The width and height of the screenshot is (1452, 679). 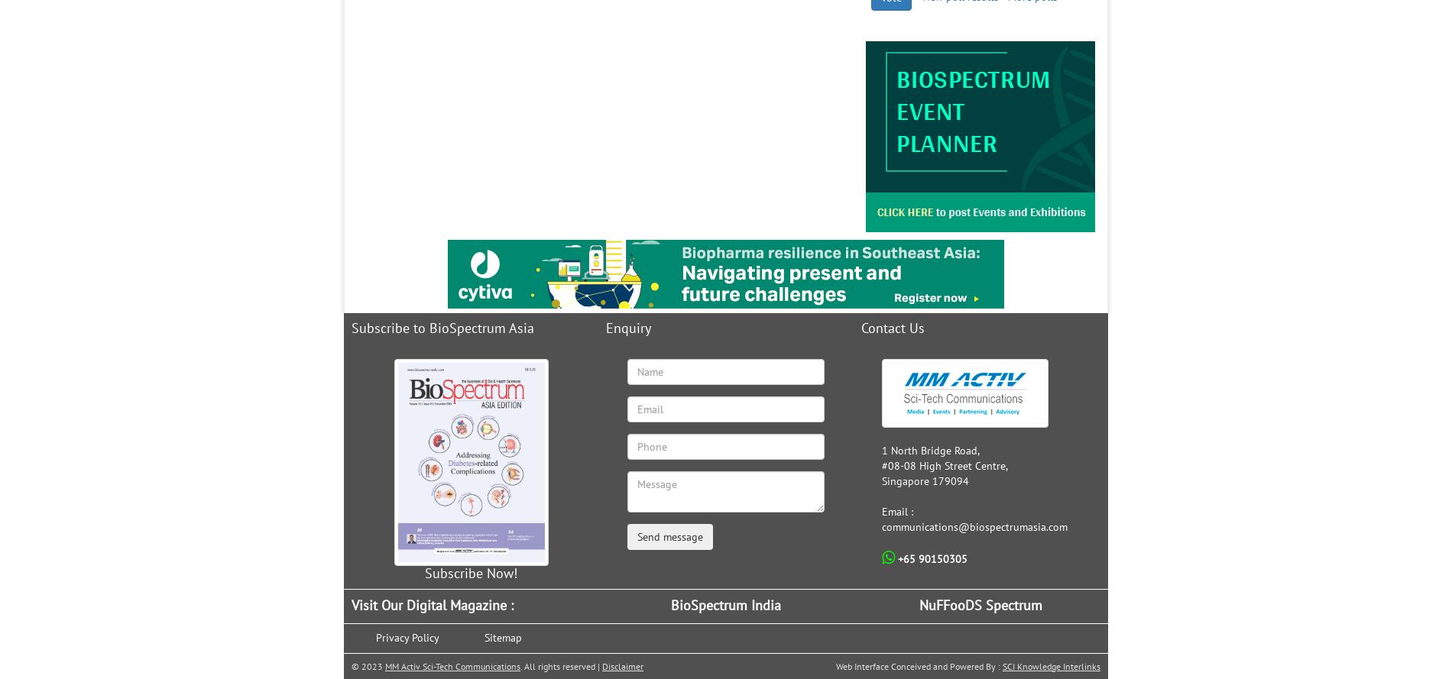 What do you see at coordinates (636, 536) in the screenshot?
I see `'Send message'` at bounding box center [636, 536].